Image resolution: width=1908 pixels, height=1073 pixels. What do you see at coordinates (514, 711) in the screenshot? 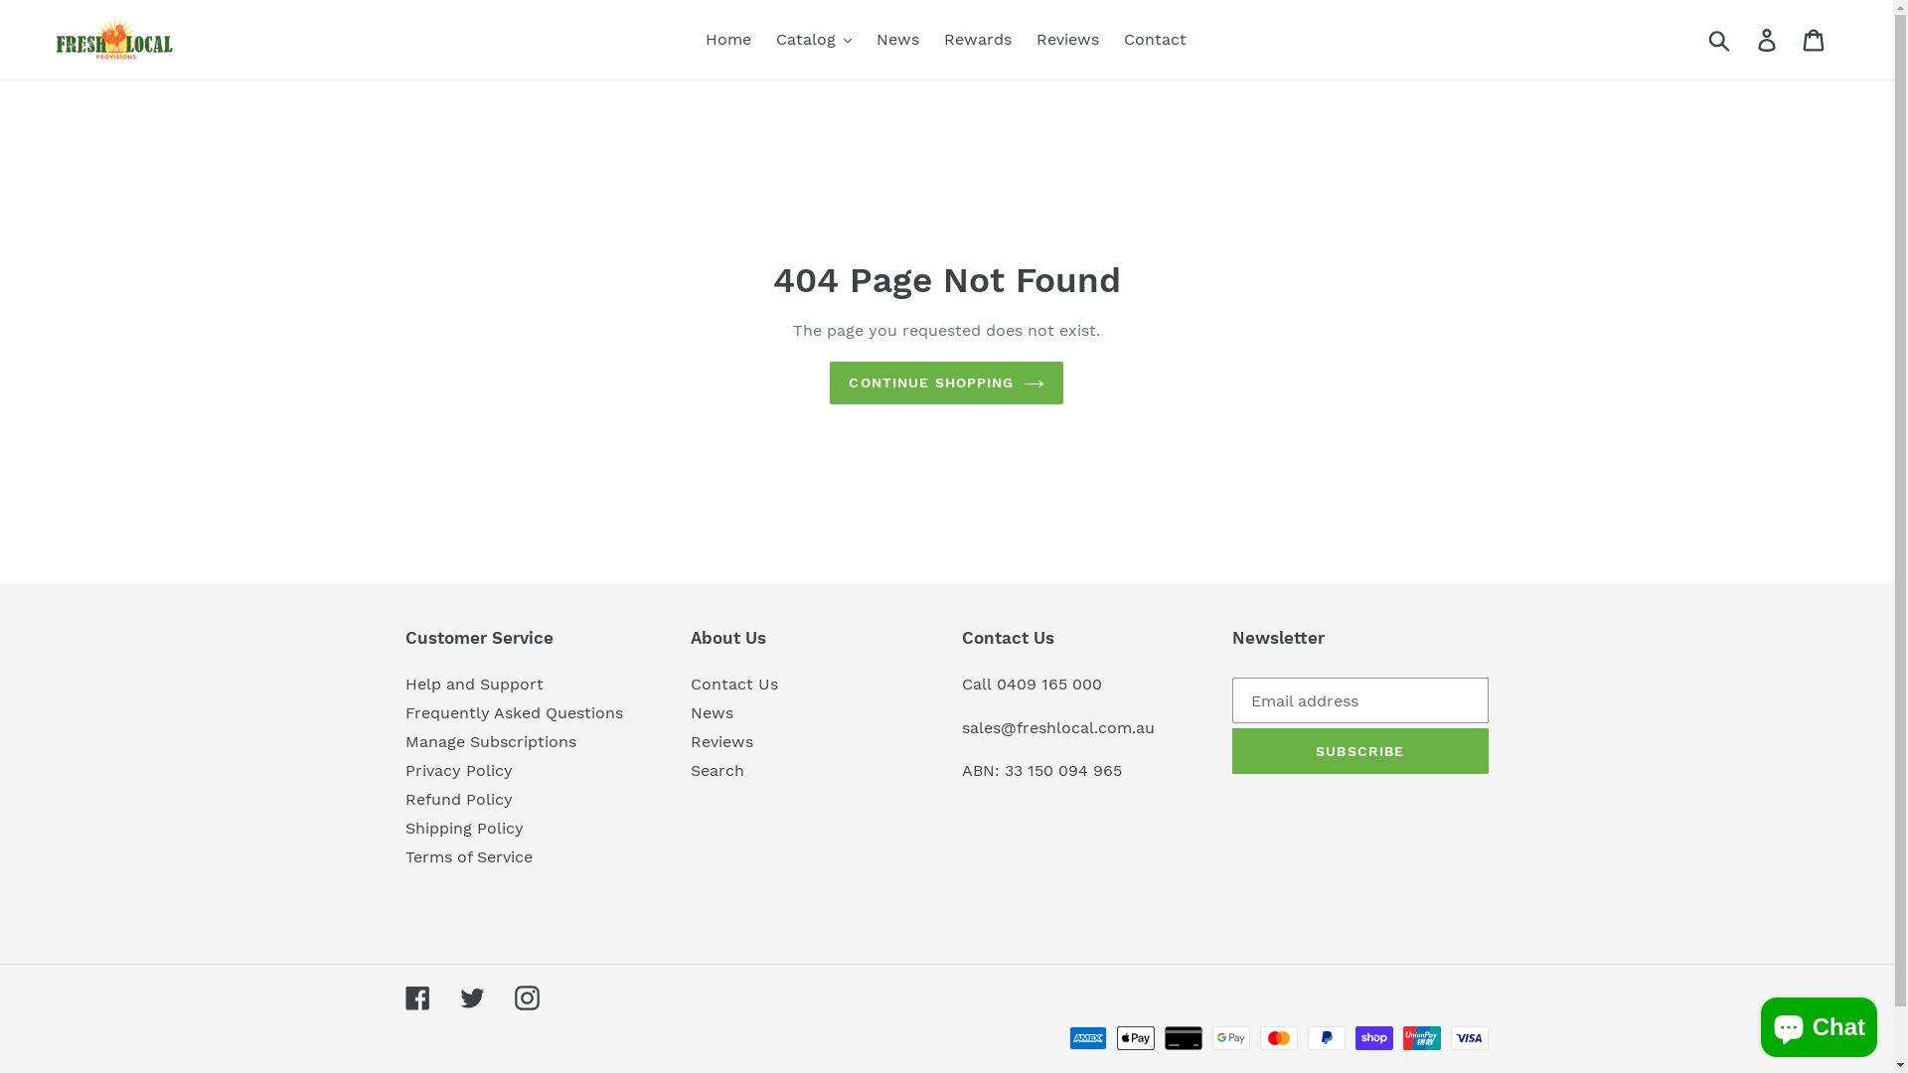
I see `'Frequently Asked Questions'` at bounding box center [514, 711].